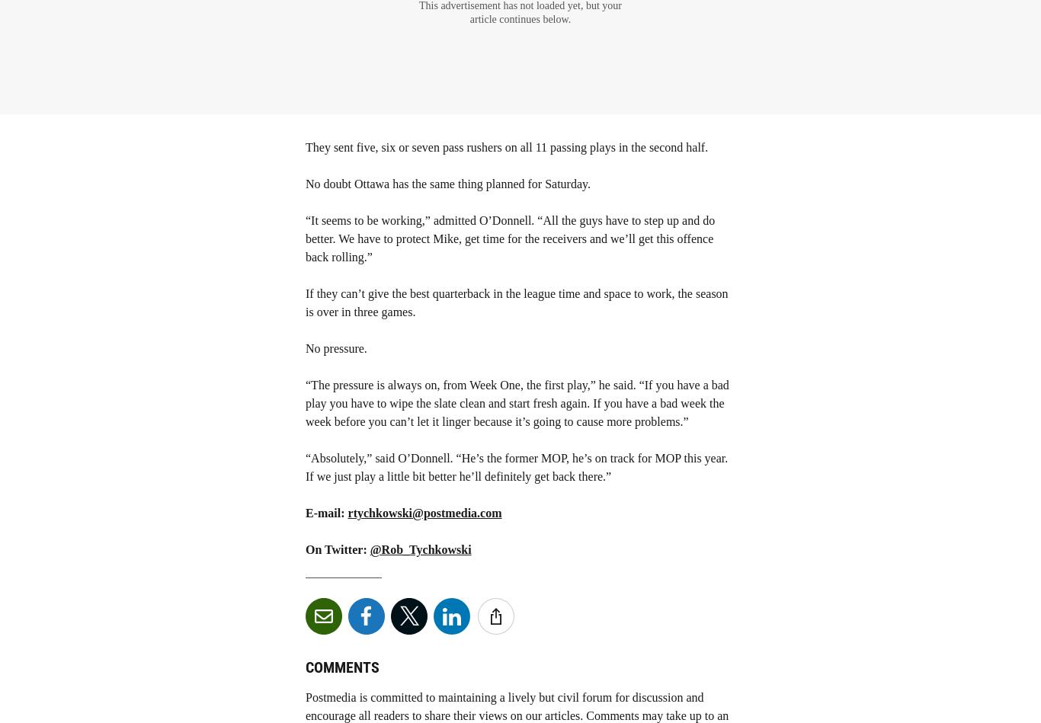  What do you see at coordinates (336, 549) in the screenshot?
I see `'On Twitter:'` at bounding box center [336, 549].